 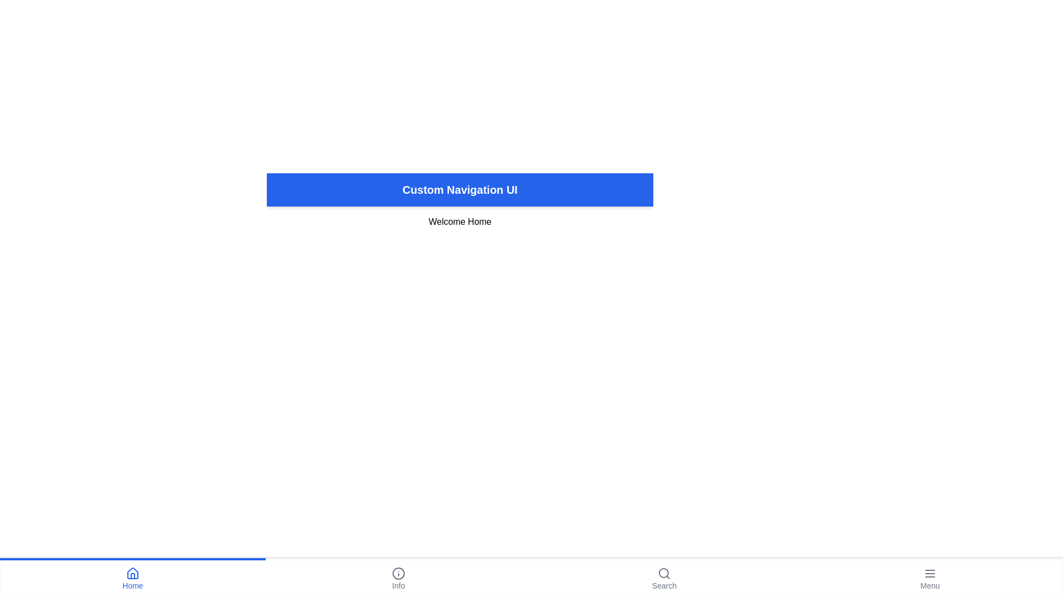 I want to click on the 'Home' text label, which is located in the bottom navigation menu beneath the house icon, so click(x=133, y=585).